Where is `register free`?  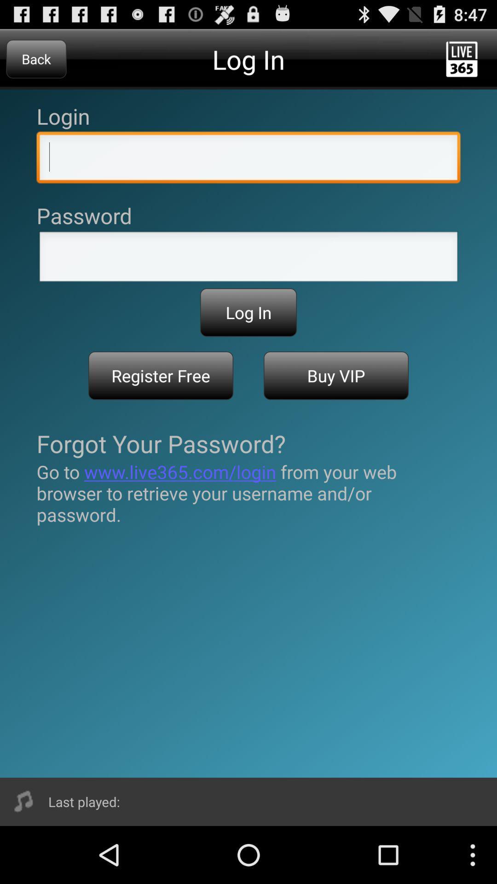 register free is located at coordinates (160, 376).